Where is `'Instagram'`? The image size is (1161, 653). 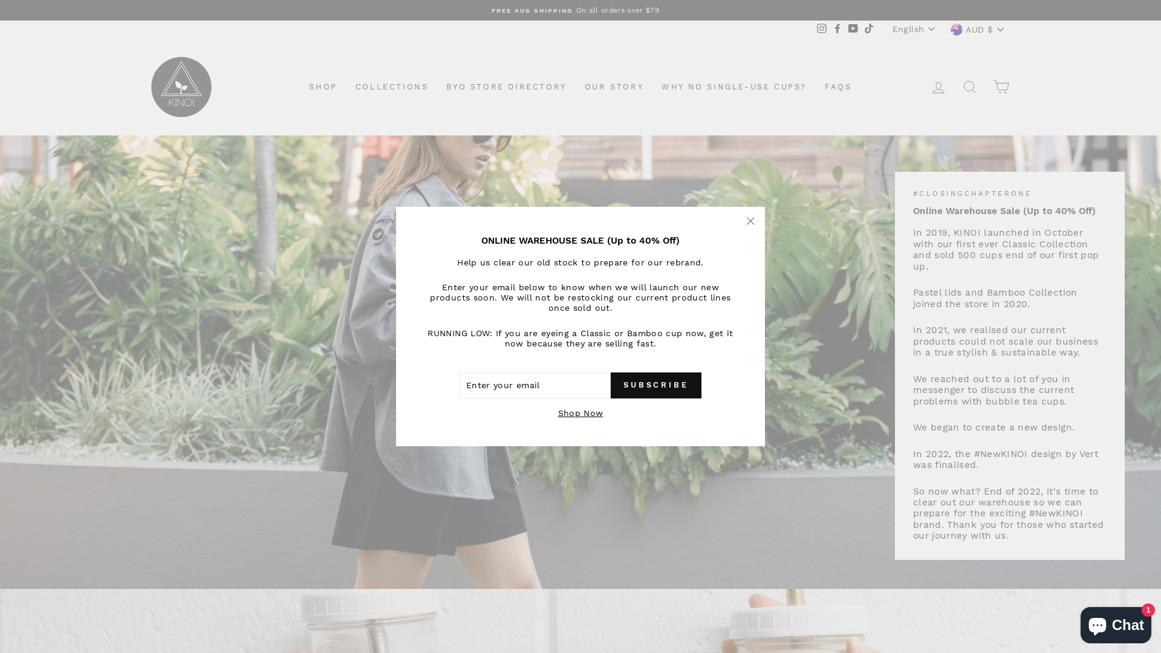 'Instagram' is located at coordinates (821, 29).